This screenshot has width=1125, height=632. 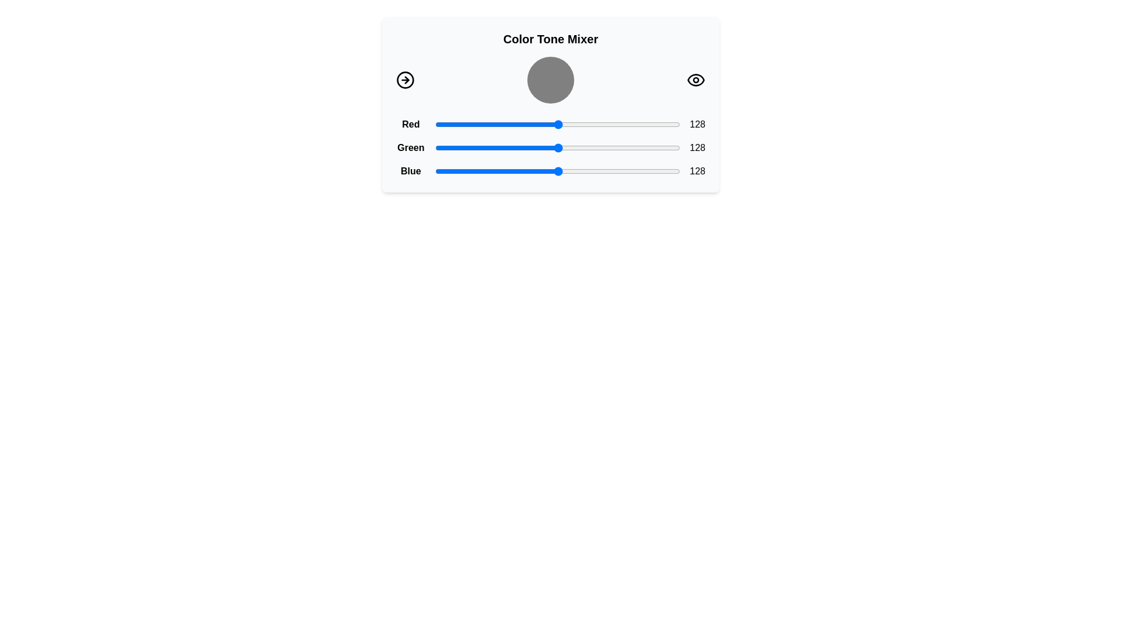 I want to click on the red component, so click(x=562, y=124).